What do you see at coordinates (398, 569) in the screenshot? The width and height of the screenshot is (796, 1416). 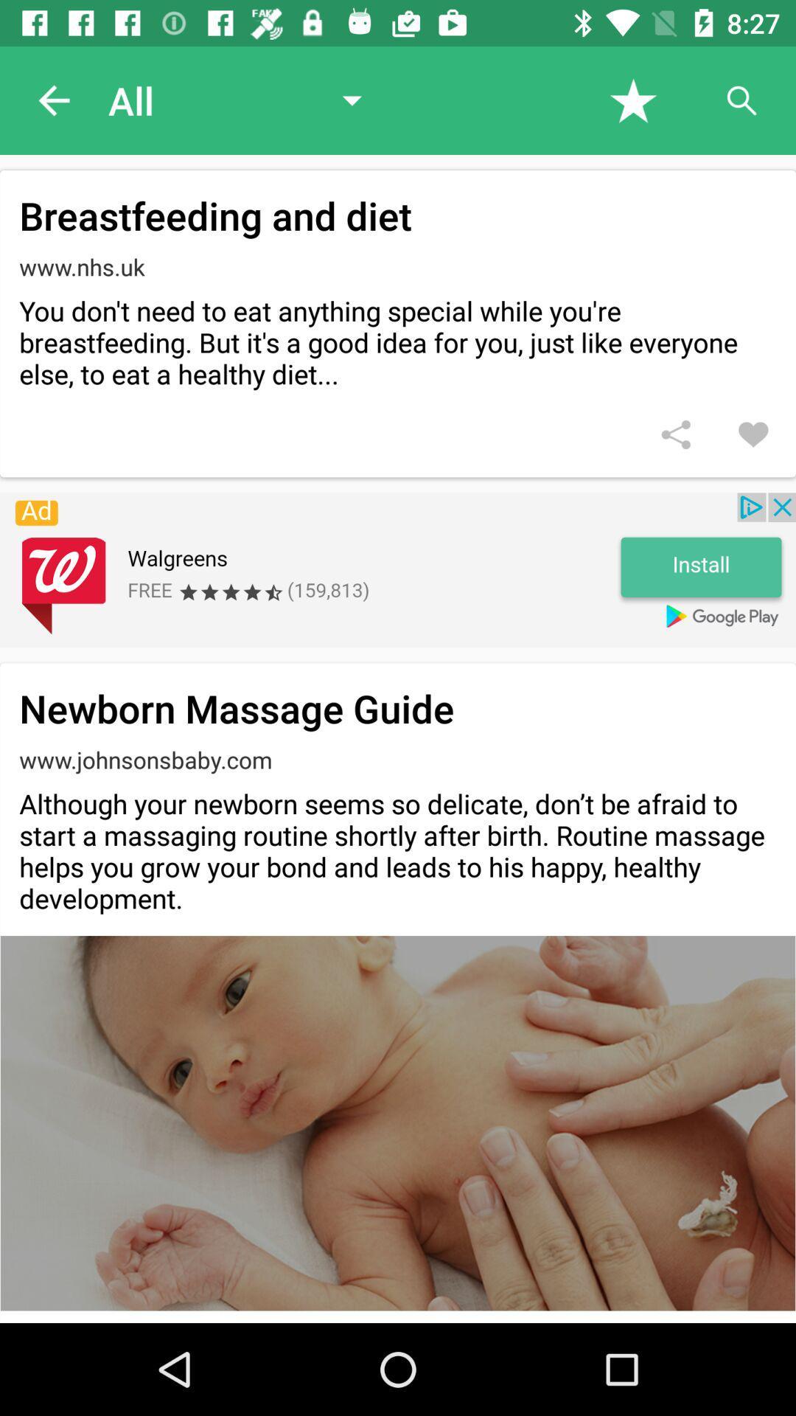 I see `details about advertisement` at bounding box center [398, 569].